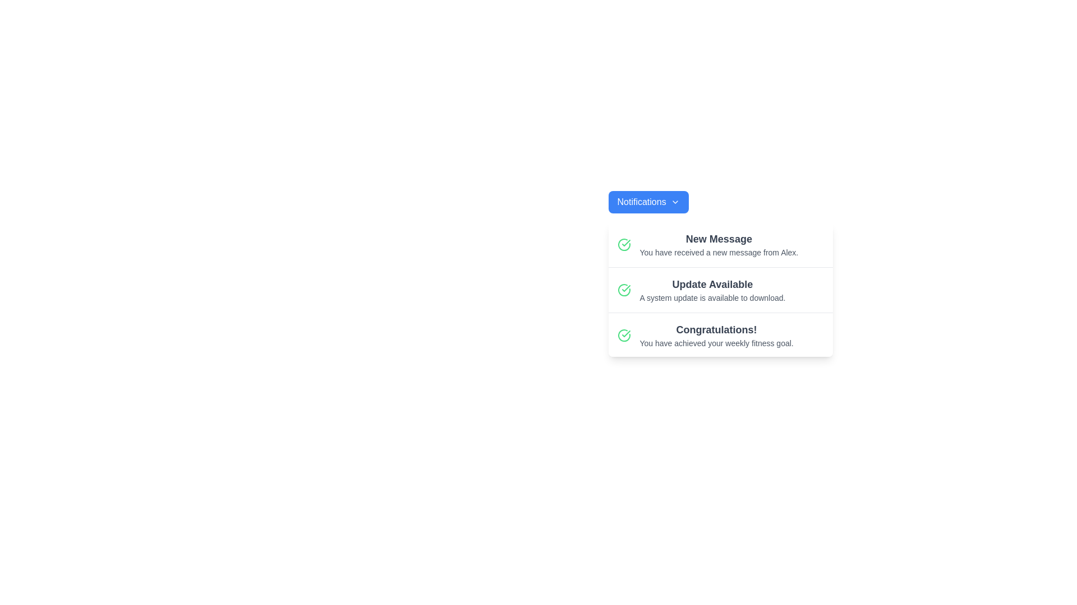 This screenshot has width=1077, height=605. I want to click on the circular checkmark icon subcomponent in the third row of the notification panel, which indicates status or confirmation for the 'Congratulations!' message, so click(623, 334).